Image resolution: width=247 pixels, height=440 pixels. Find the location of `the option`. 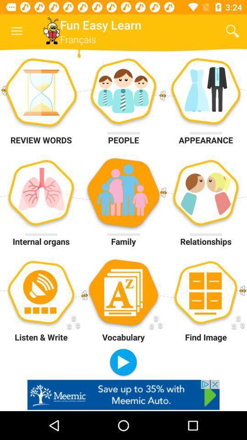

the option is located at coordinates (123, 394).